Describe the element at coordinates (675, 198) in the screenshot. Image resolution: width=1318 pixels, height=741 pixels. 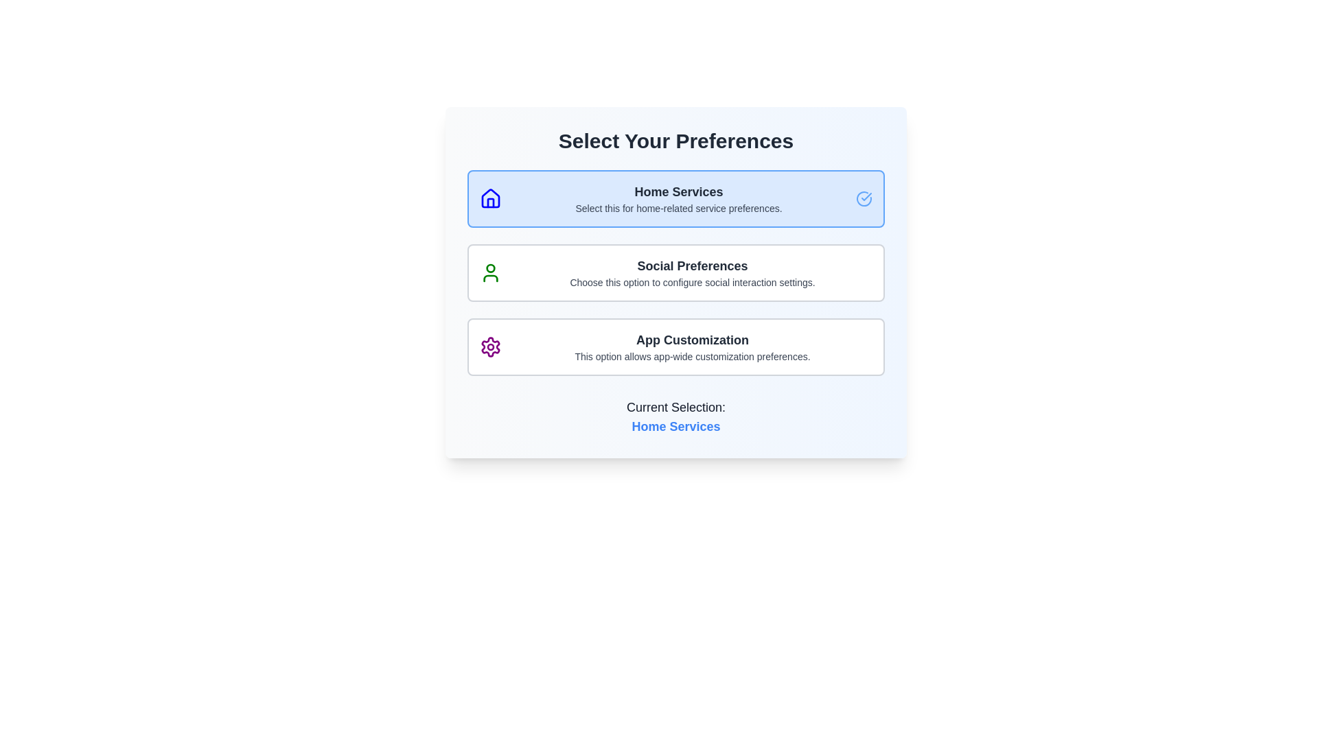
I see `the first selectable option card under 'Select Your Preferences'` at that location.